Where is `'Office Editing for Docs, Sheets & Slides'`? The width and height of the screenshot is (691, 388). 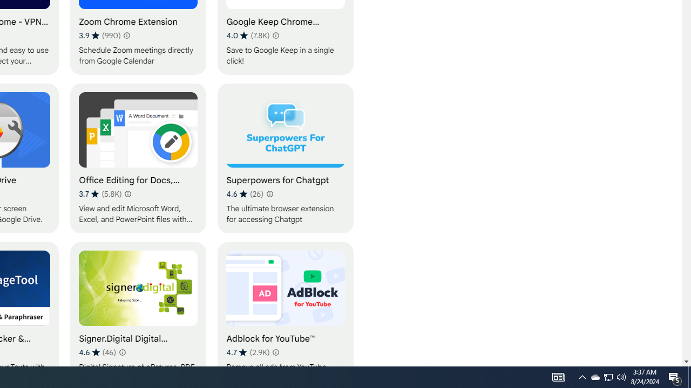 'Office Editing for Docs, Sheets & Slides' is located at coordinates (138, 158).